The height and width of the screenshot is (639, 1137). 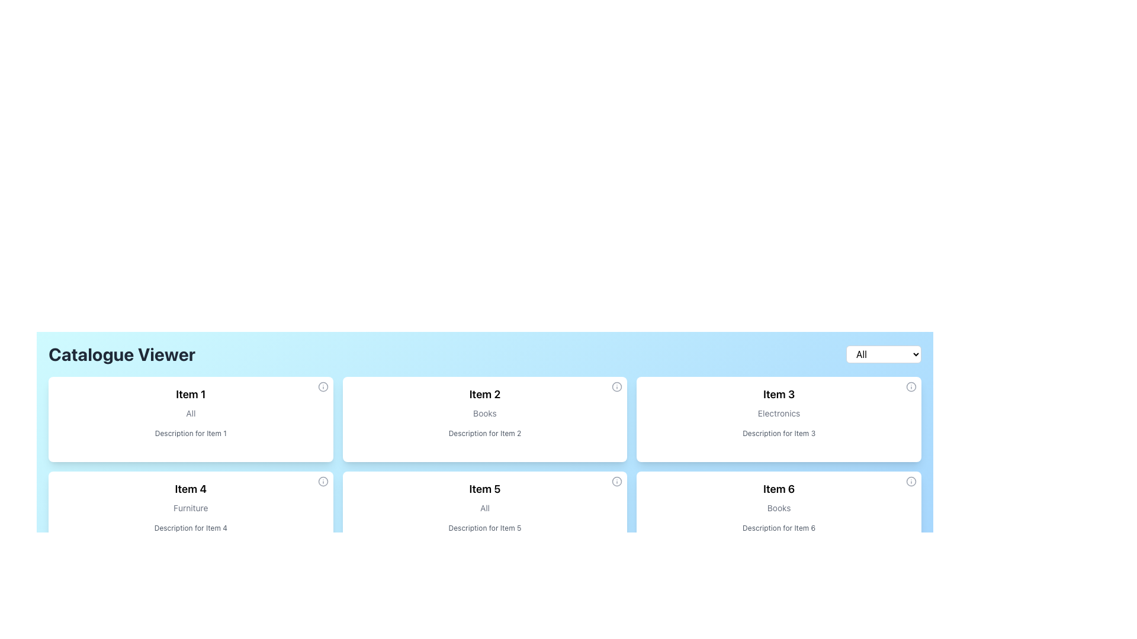 I want to click on the fifth card in the grid layout that displays 'Item 5' in bold text with a white background and rounded corners, so click(x=485, y=513).